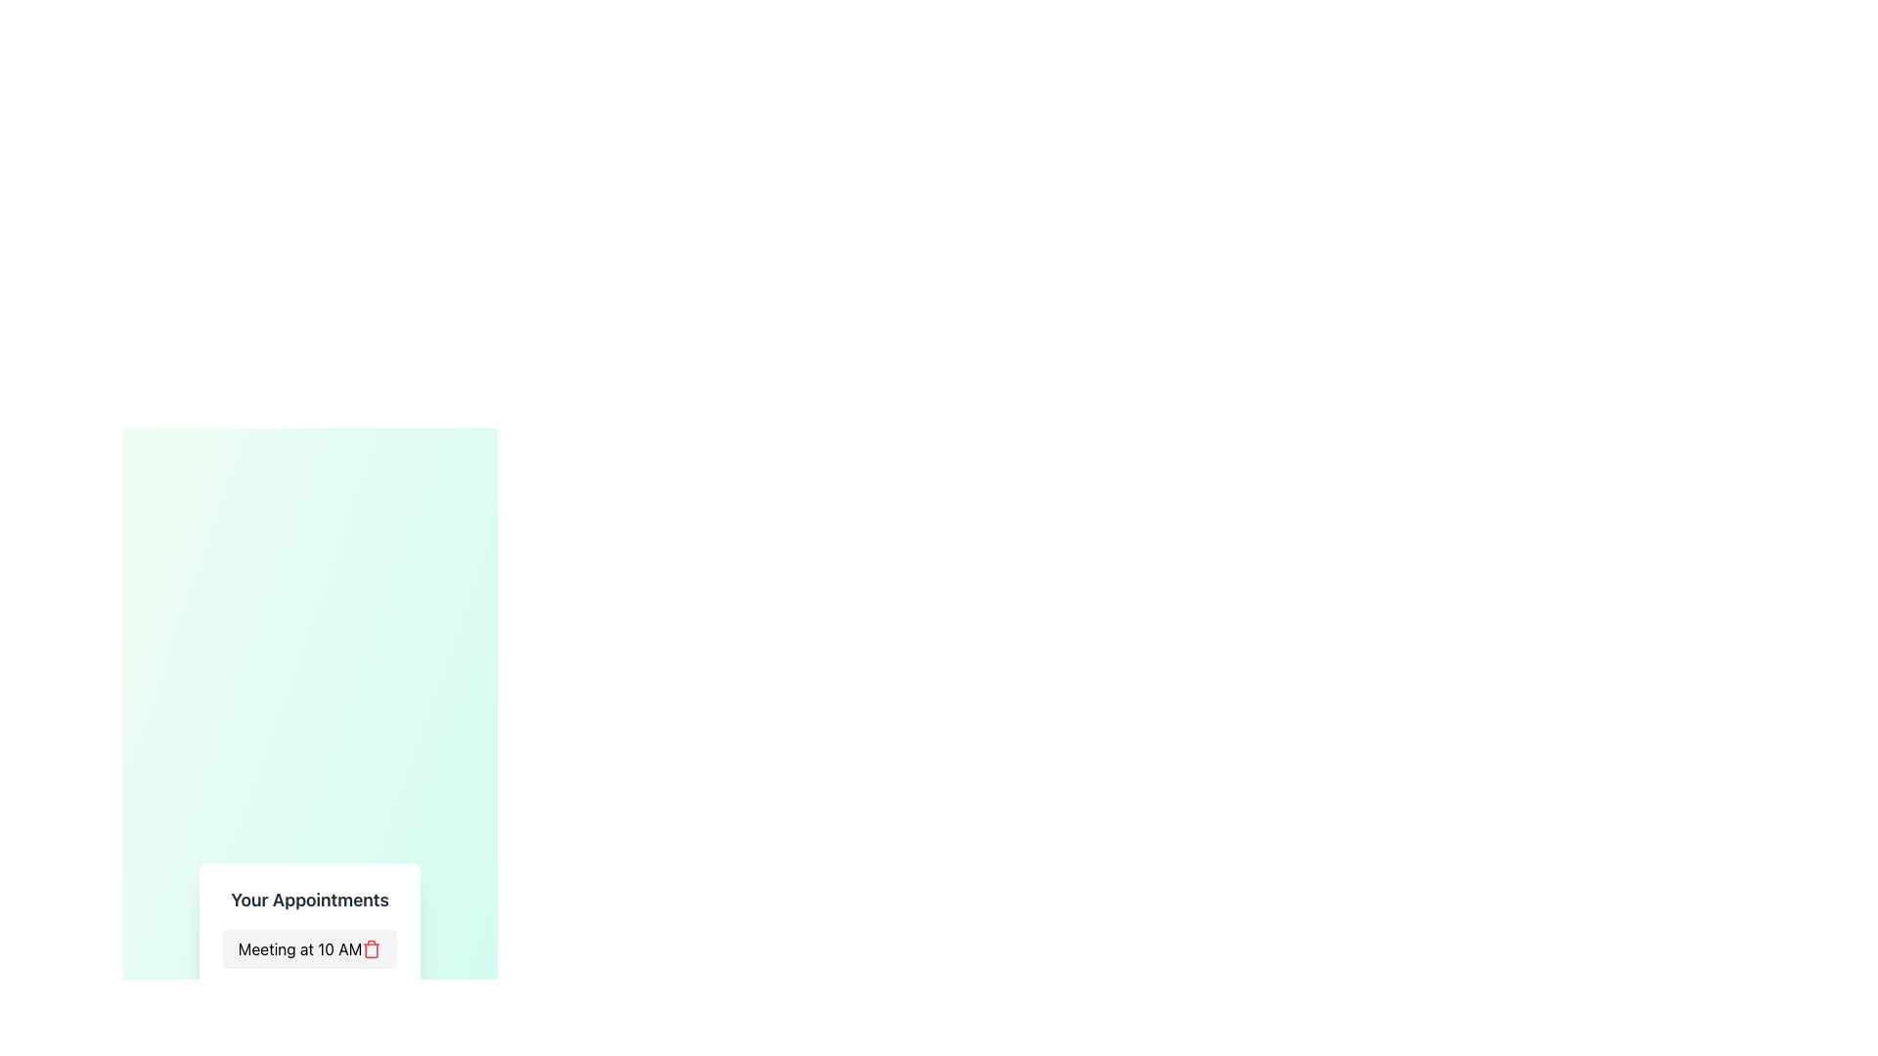  Describe the element at coordinates (308, 955) in the screenshot. I see `the meeting schedule text in the appointment display card` at that location.